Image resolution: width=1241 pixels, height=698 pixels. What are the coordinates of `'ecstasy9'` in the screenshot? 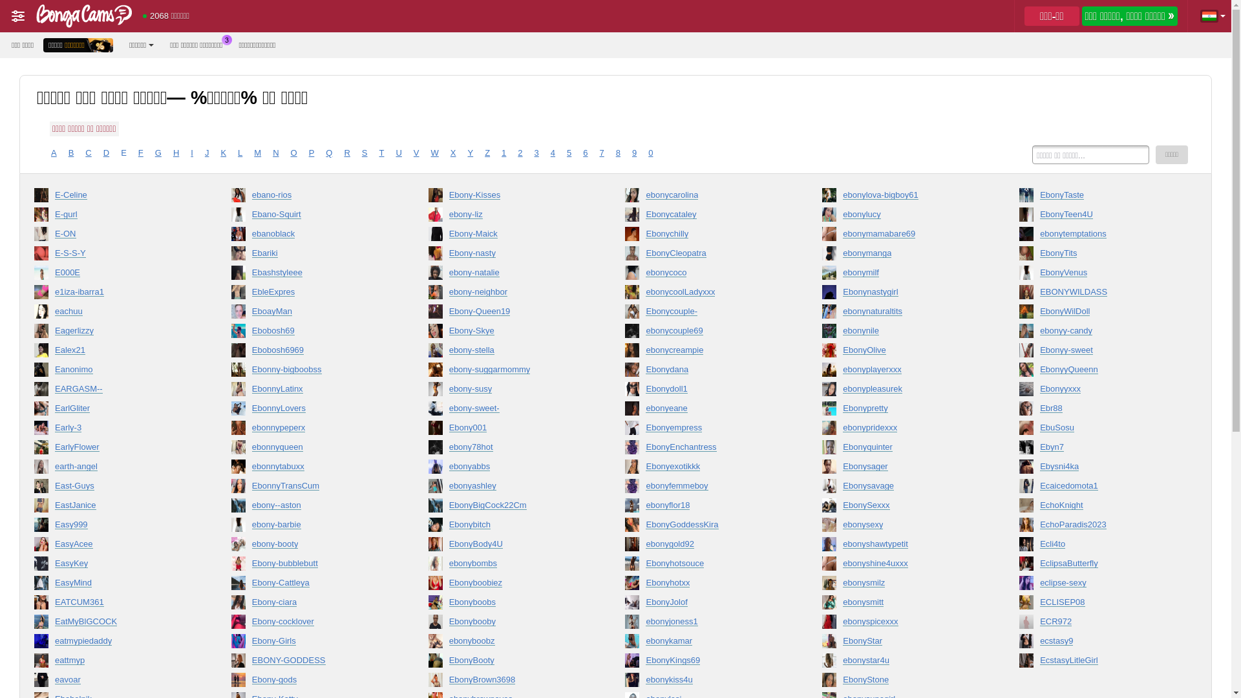 It's located at (1098, 643).